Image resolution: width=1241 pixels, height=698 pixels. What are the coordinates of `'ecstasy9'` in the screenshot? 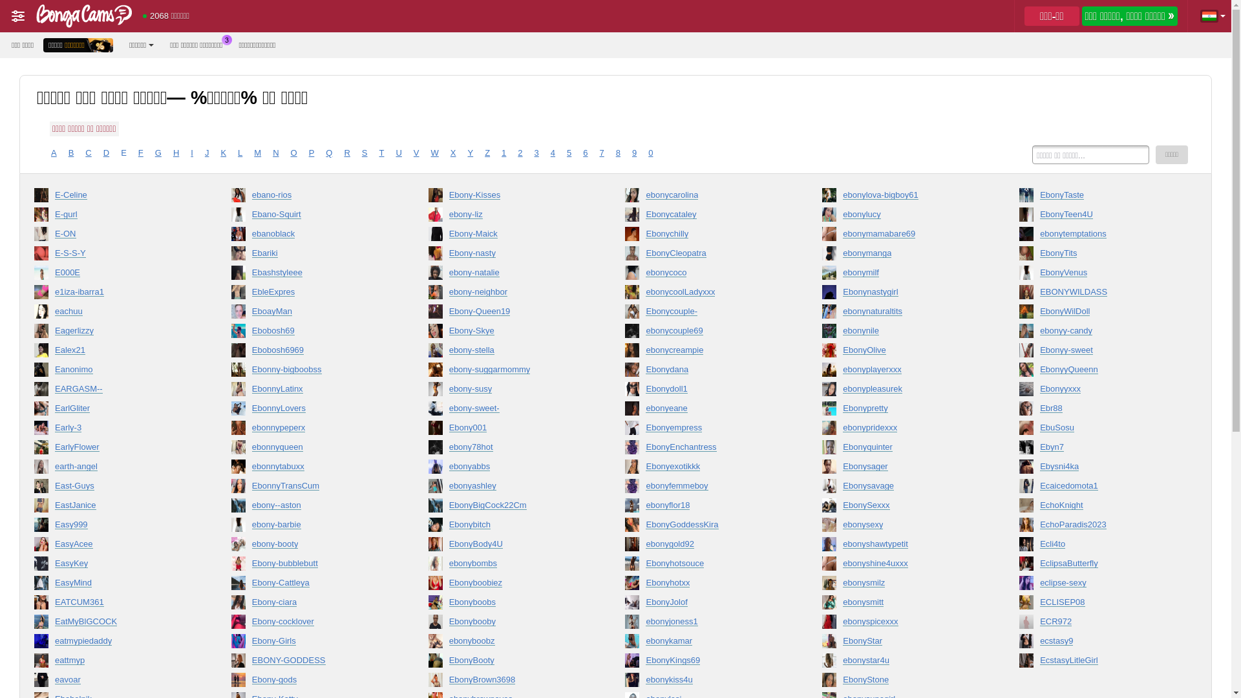 It's located at (1098, 643).